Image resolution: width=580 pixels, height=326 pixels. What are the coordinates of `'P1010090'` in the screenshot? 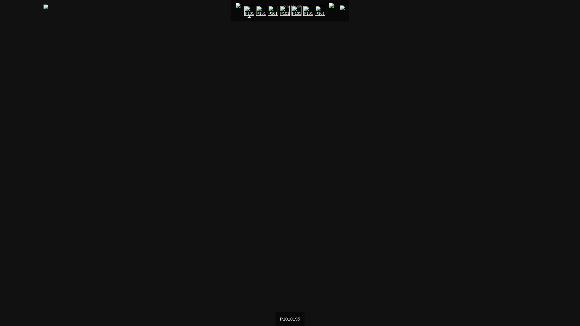 It's located at (296, 11).